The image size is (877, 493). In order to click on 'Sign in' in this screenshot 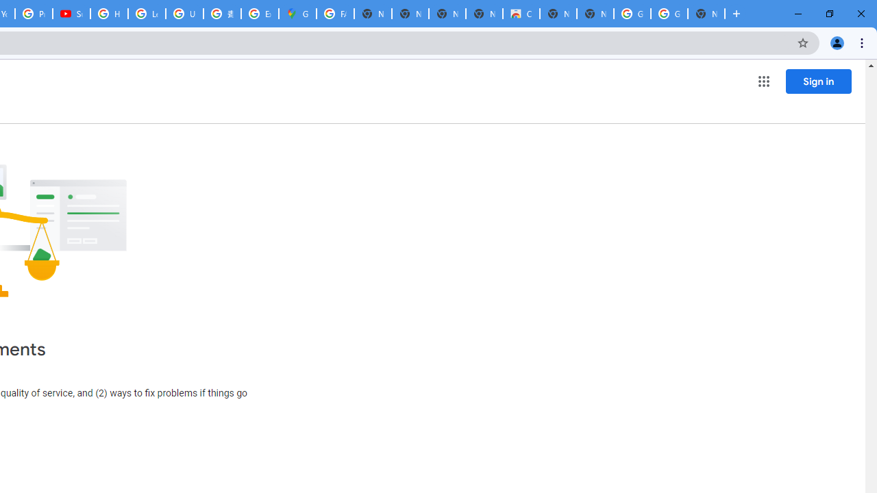, I will do `click(818, 81)`.